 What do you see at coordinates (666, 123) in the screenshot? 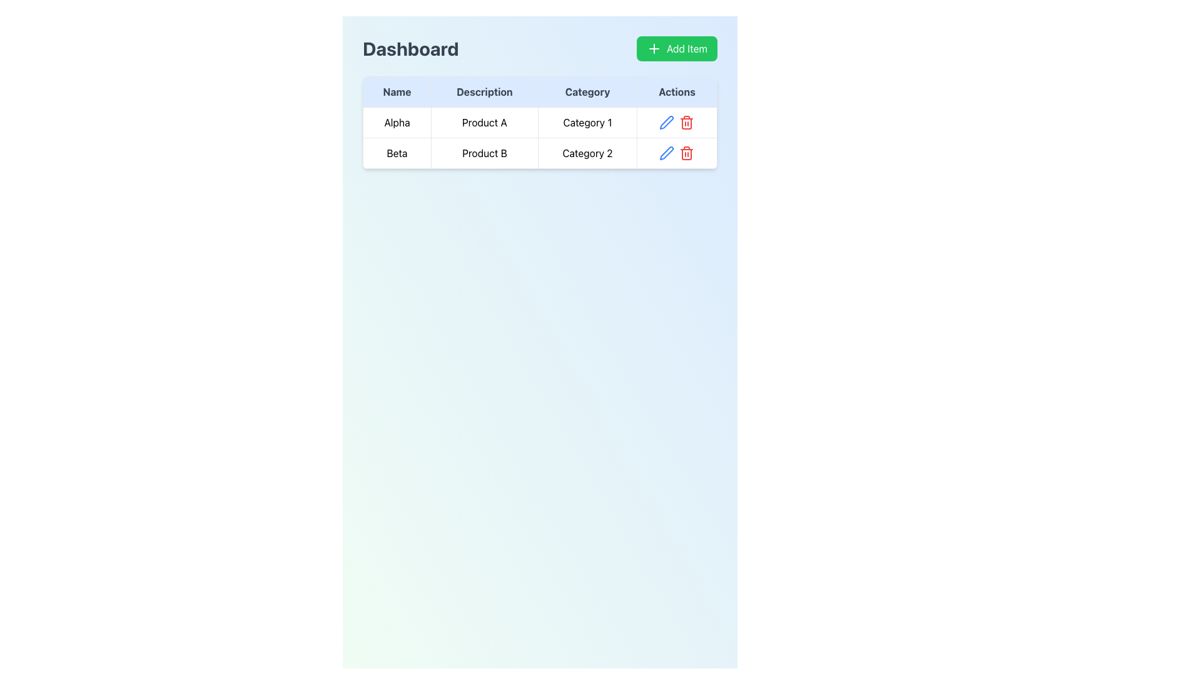
I see `the pen icon in the second row of the table under the 'Actions' column to initiate the edit action for the item 'Beta'` at bounding box center [666, 123].